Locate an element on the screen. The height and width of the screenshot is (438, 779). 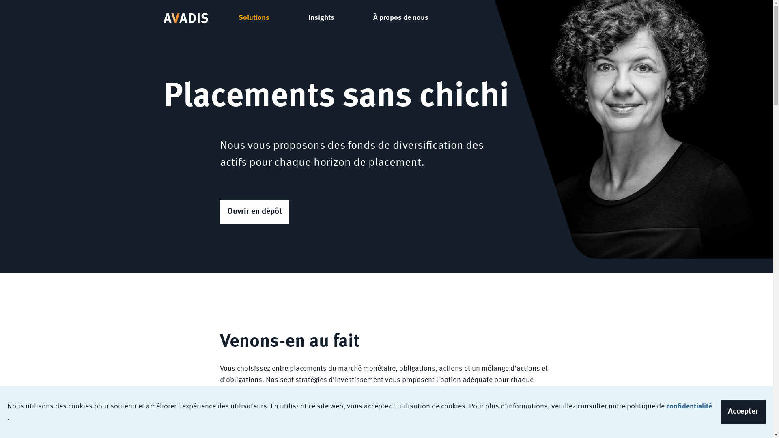
'Accepter' is located at coordinates (743, 412).